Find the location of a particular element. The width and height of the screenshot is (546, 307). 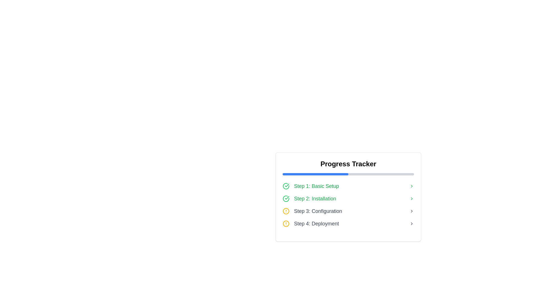

the arrow icon located at the far right of the 'Step 1: Basic Setup' list item in the 'Progress Tracker' section is located at coordinates (412, 186).